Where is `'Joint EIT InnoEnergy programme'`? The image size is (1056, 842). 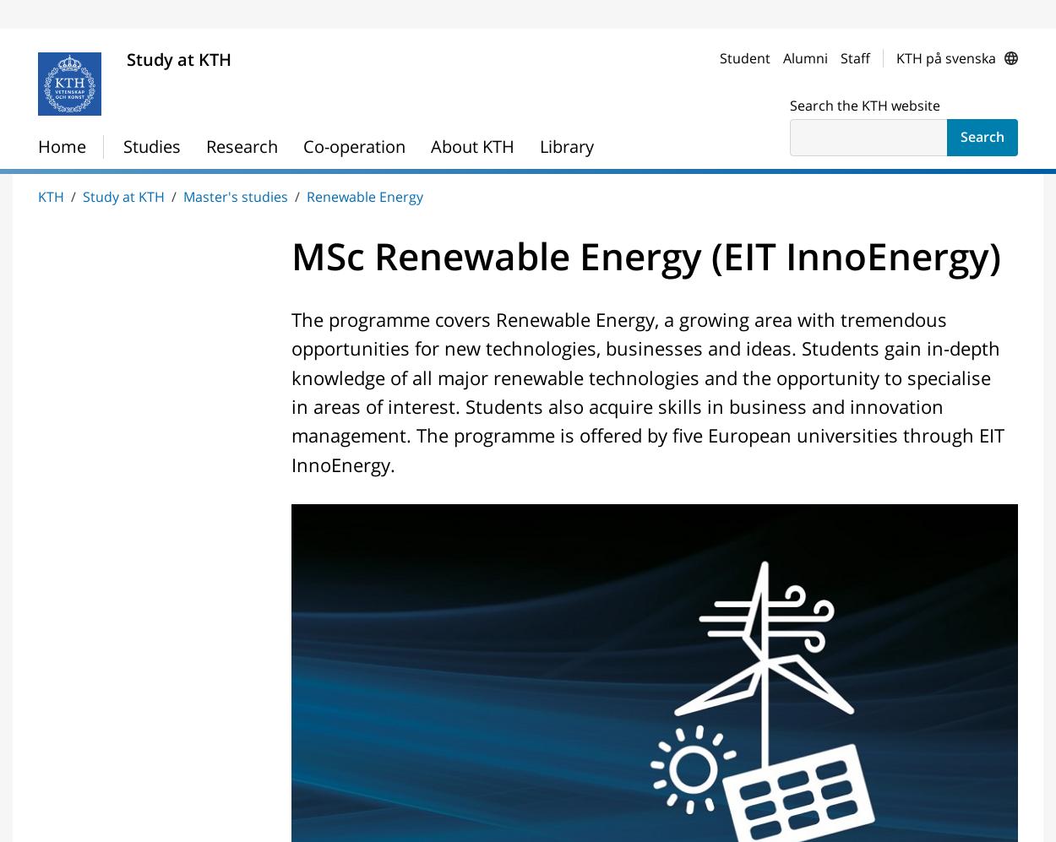
'Joint EIT InnoEnergy programme' is located at coordinates (449, 157).